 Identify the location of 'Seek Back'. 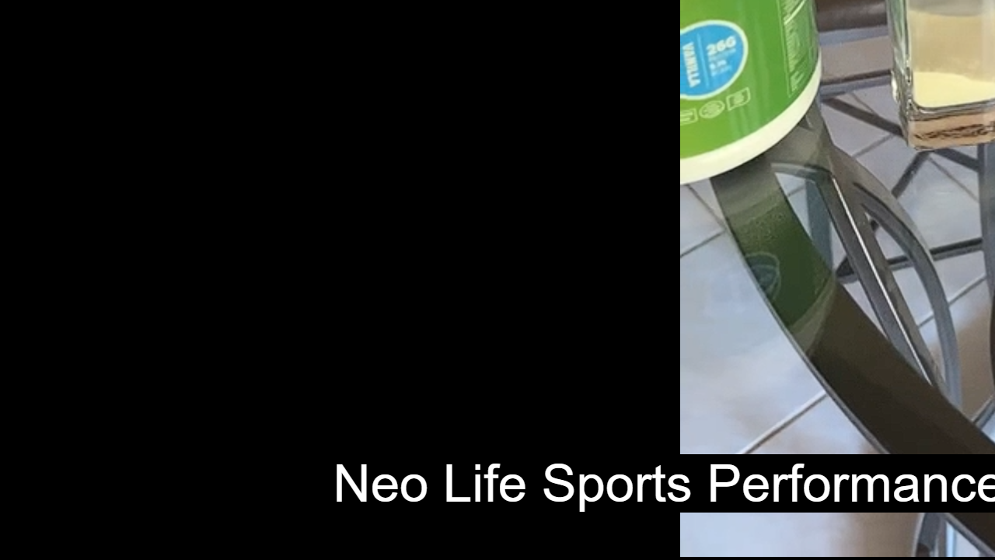
(54, 541).